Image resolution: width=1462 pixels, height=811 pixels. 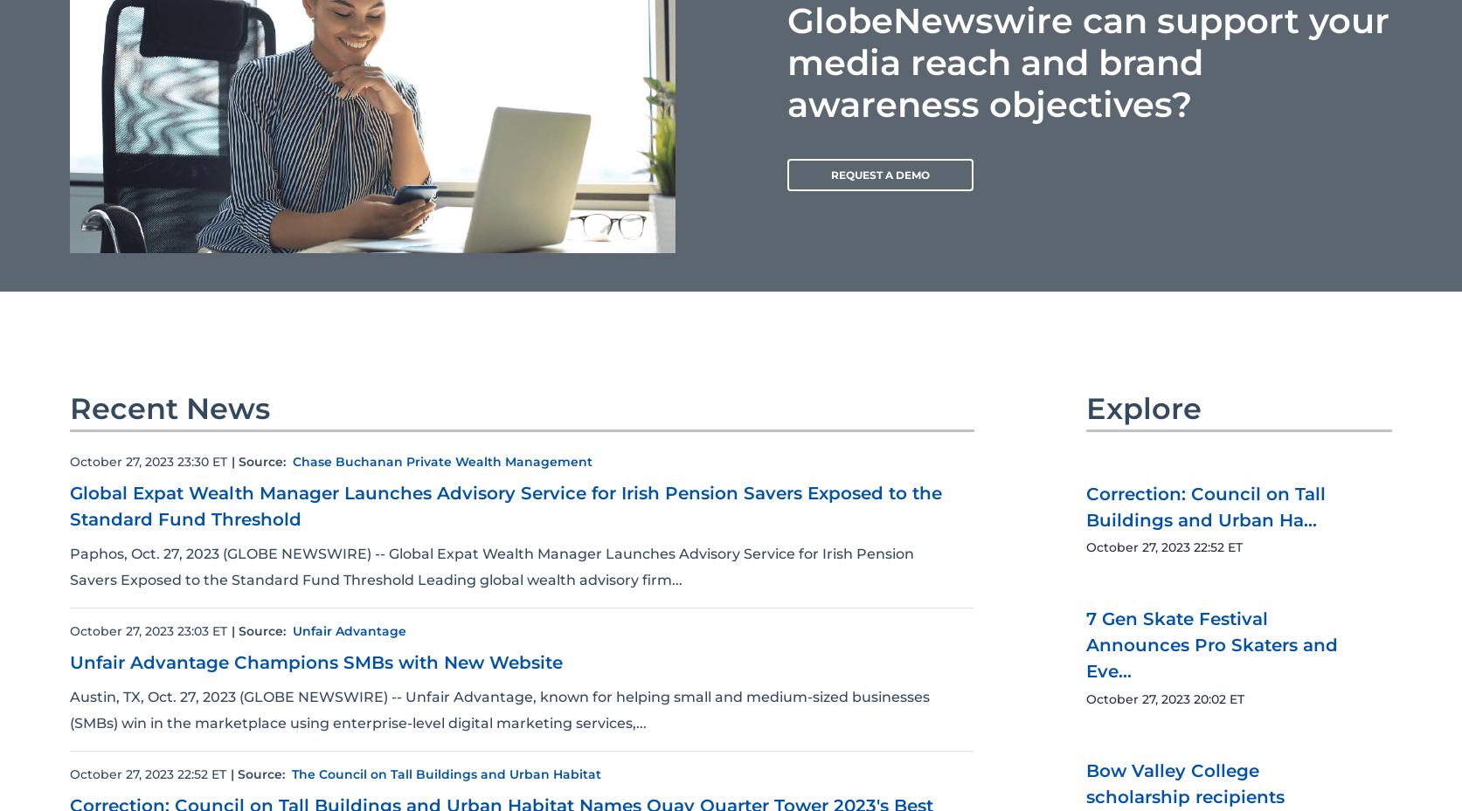 What do you see at coordinates (147, 630) in the screenshot?
I see `'October 27, 2023 23:03 ET'` at bounding box center [147, 630].